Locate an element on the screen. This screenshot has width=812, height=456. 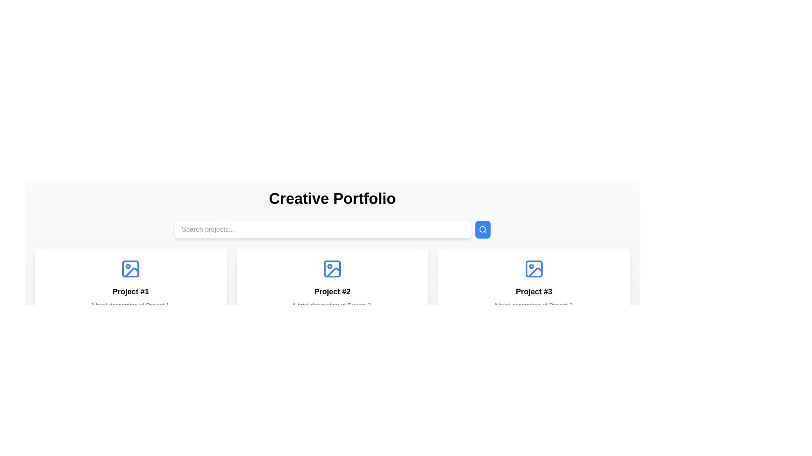
the small triangular line icon oriented towards the bottom-right within the photo icon representation is located at coordinates (132, 272).